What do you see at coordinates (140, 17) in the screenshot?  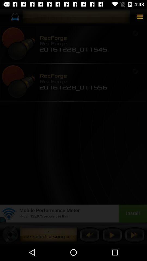 I see `three horizontal lines on the top right corner of the web page` at bounding box center [140, 17].